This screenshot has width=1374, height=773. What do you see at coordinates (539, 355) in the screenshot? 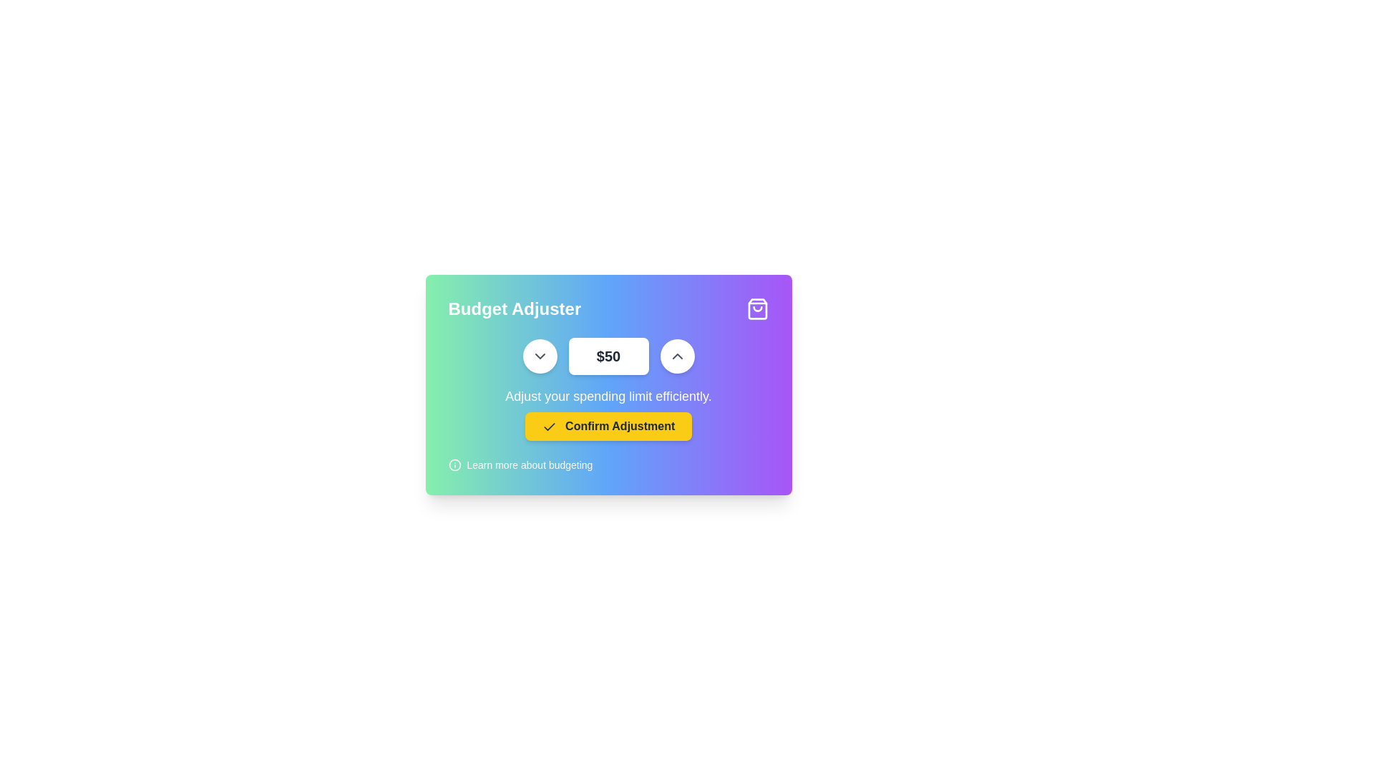
I see `the chevron icon within the circular button located at the top-right area of the 'Budget Adjuster' card` at bounding box center [539, 355].